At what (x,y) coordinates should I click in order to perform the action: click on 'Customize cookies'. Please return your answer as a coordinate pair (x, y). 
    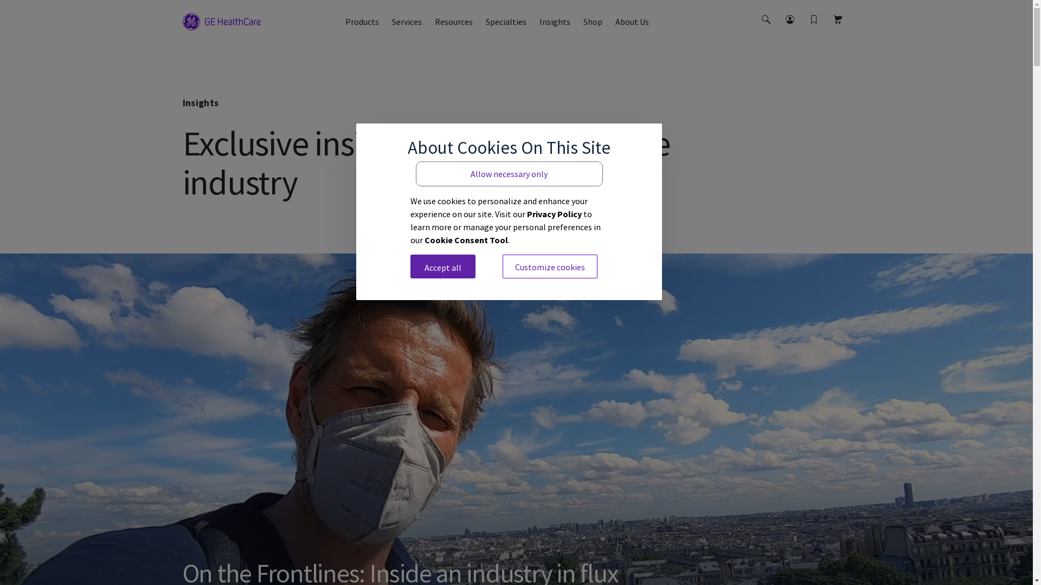
    Looking at the image, I should click on (550, 266).